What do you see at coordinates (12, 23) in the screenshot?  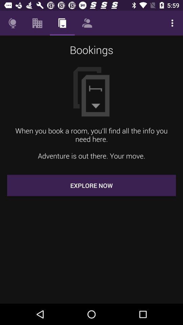 I see `item above the bookings item` at bounding box center [12, 23].